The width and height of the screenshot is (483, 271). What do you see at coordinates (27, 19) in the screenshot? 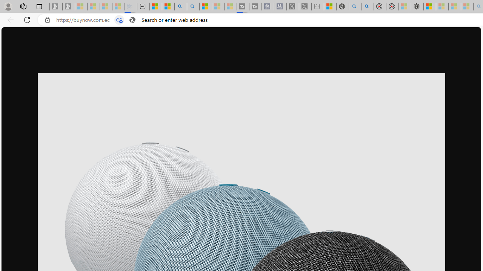
I see `'Refresh'` at bounding box center [27, 19].